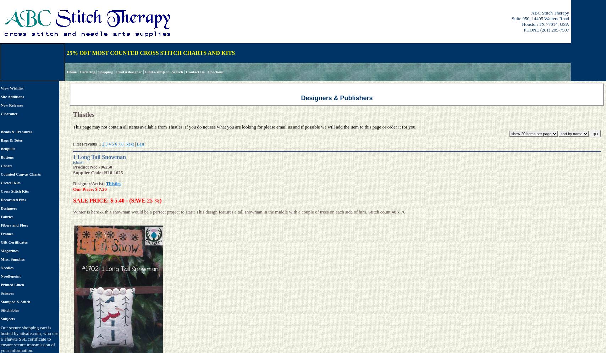 Image resolution: width=606 pixels, height=353 pixels. I want to click on 'Counted Canvas Charts', so click(21, 174).